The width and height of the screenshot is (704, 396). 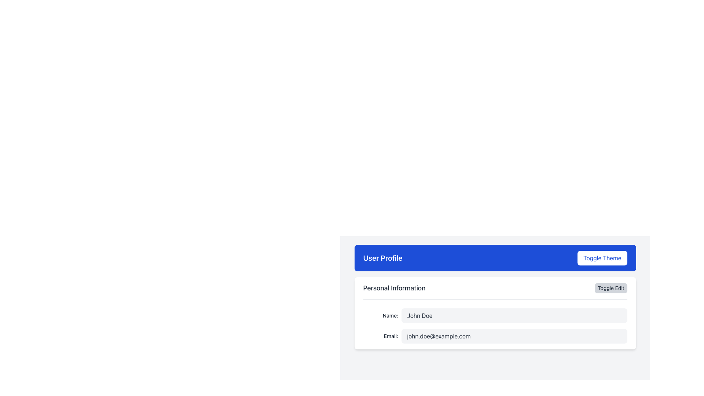 What do you see at coordinates (602, 258) in the screenshot?
I see `the theme toggle button located in the top-right corner of the blue banner containing 'User Profile'` at bounding box center [602, 258].